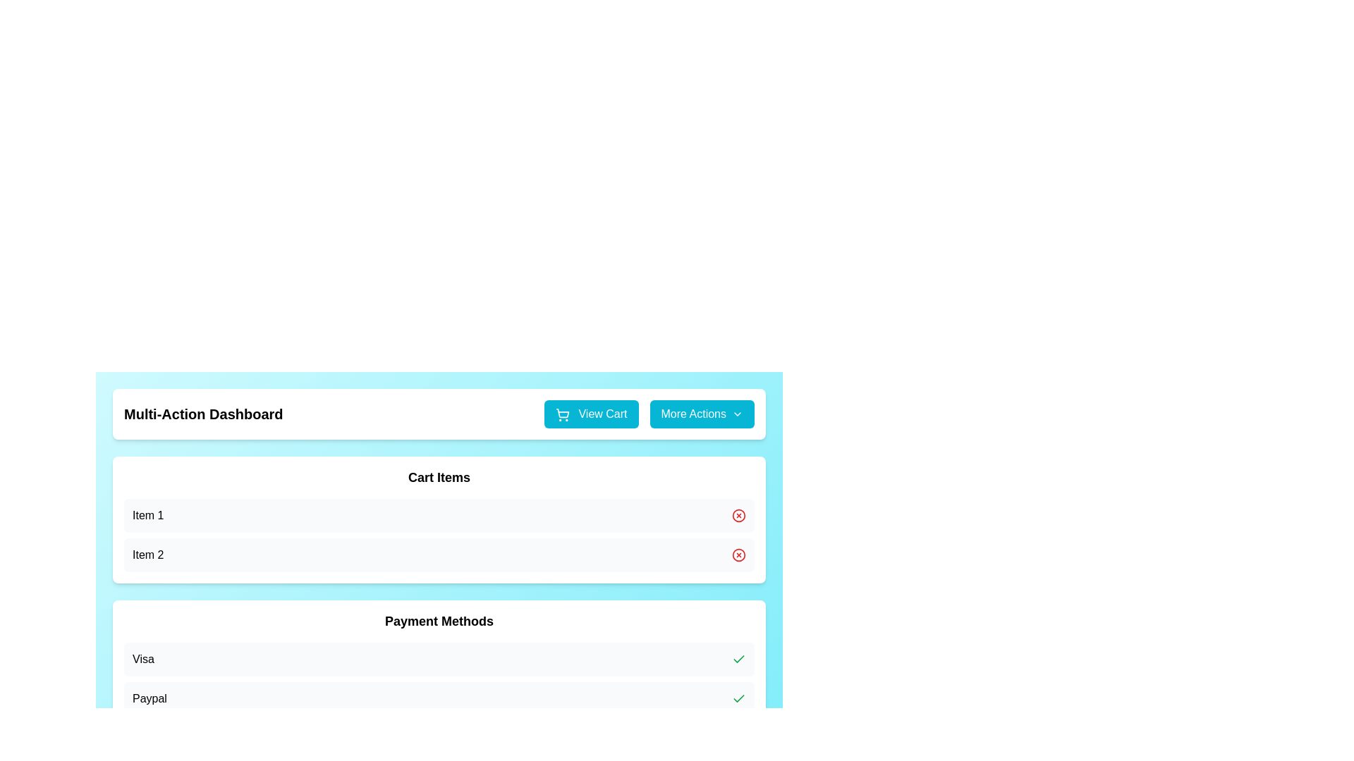 This screenshot has width=1354, height=761. I want to click on the shopping cart icon, which is a minimalistic graphical representation located towards the top-right corner of the interface, adjacent to the 'View Cart' button, so click(562, 412).